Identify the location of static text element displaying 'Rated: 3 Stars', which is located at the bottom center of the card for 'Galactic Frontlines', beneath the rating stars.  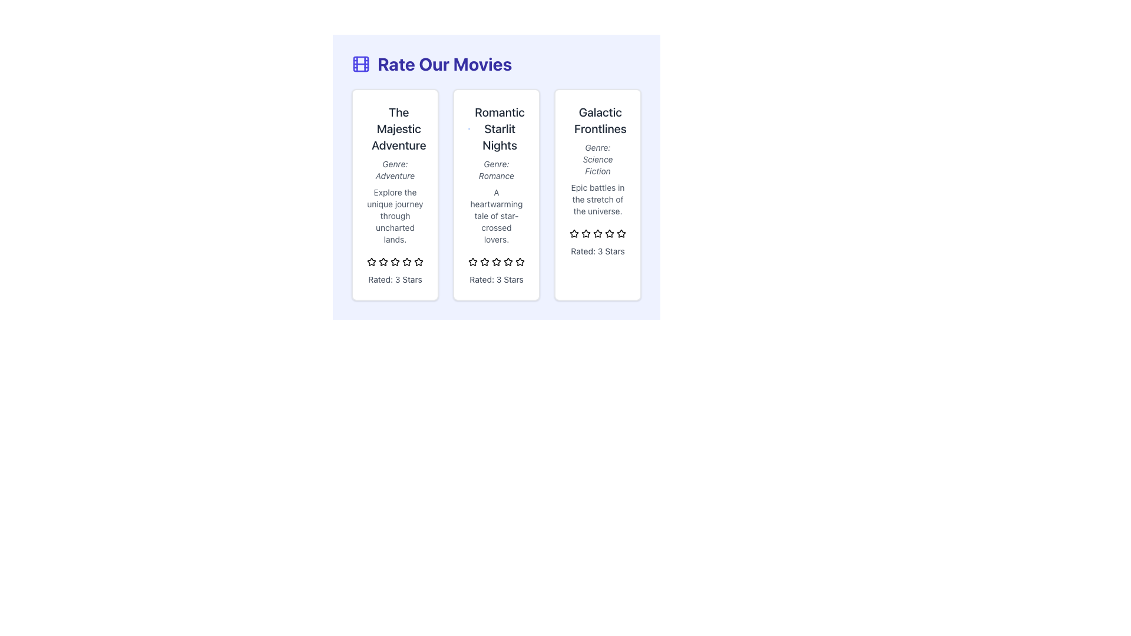
(597, 251).